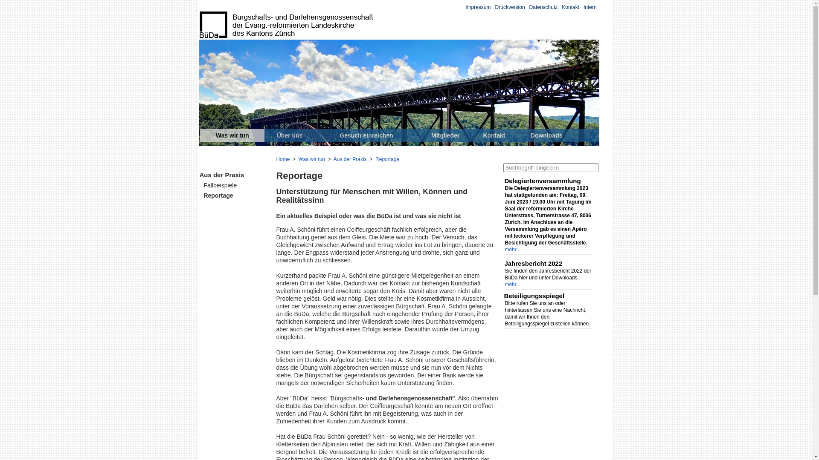 Image resolution: width=819 pixels, height=460 pixels. I want to click on 'Was wir tun', so click(299, 159).